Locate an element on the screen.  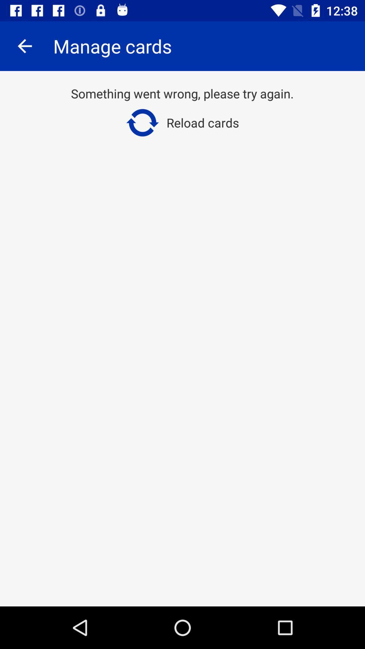
the item to the left of manage cards icon is located at coordinates (24, 46).